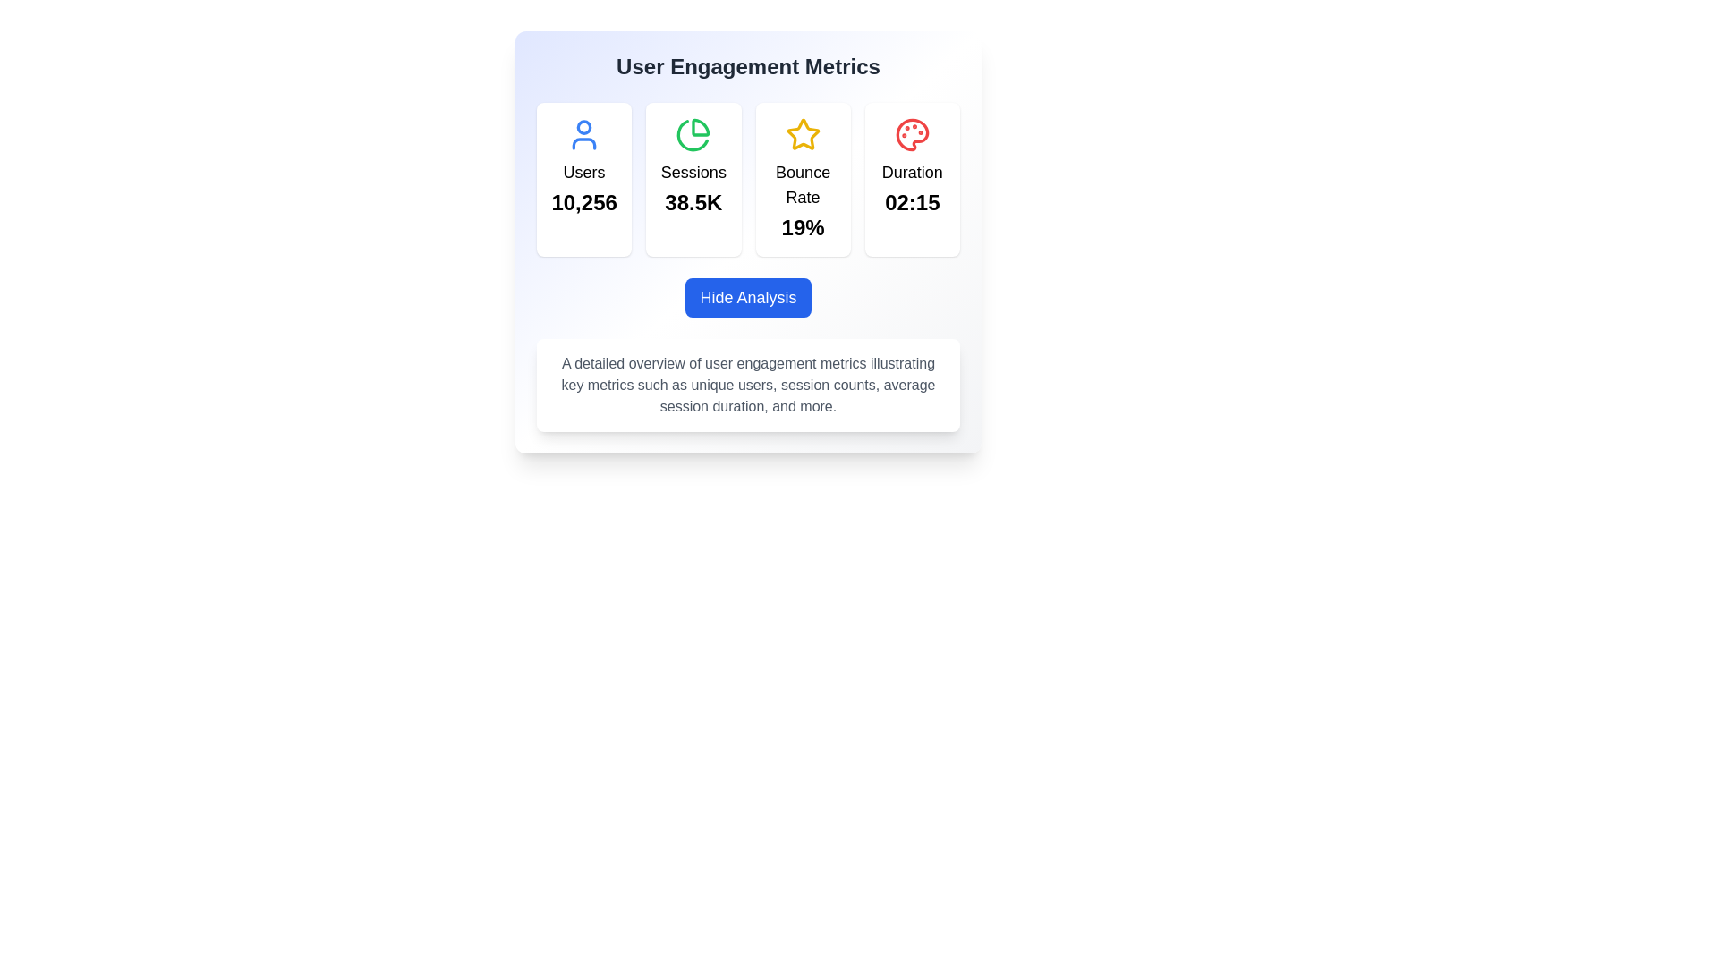 The height and width of the screenshot is (966, 1718). I want to click on the text display that shows the count of users, located below the word 'Users' within a white card, so click(584, 202).